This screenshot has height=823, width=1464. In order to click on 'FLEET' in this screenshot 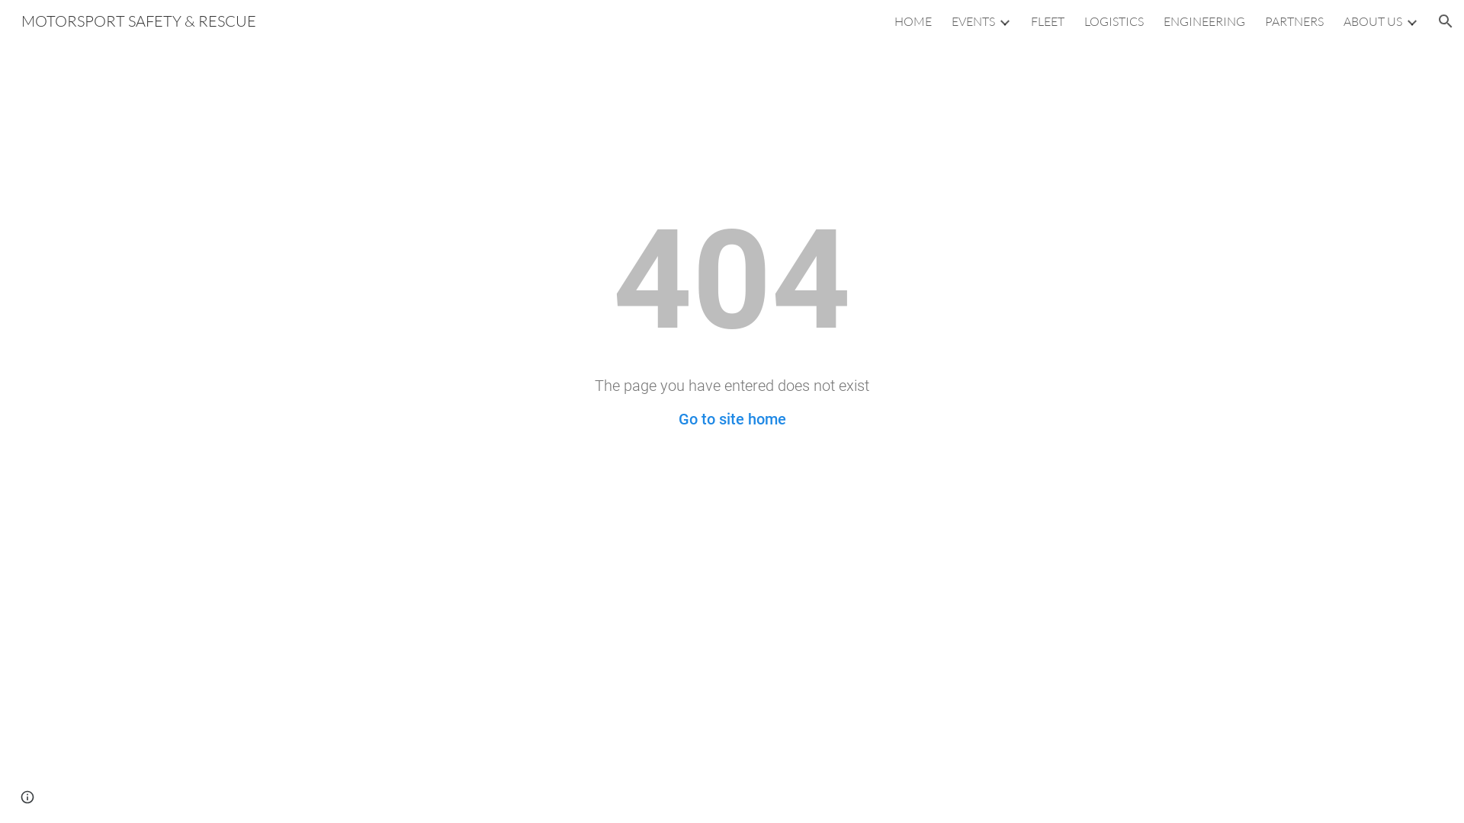, I will do `click(1046, 21)`.